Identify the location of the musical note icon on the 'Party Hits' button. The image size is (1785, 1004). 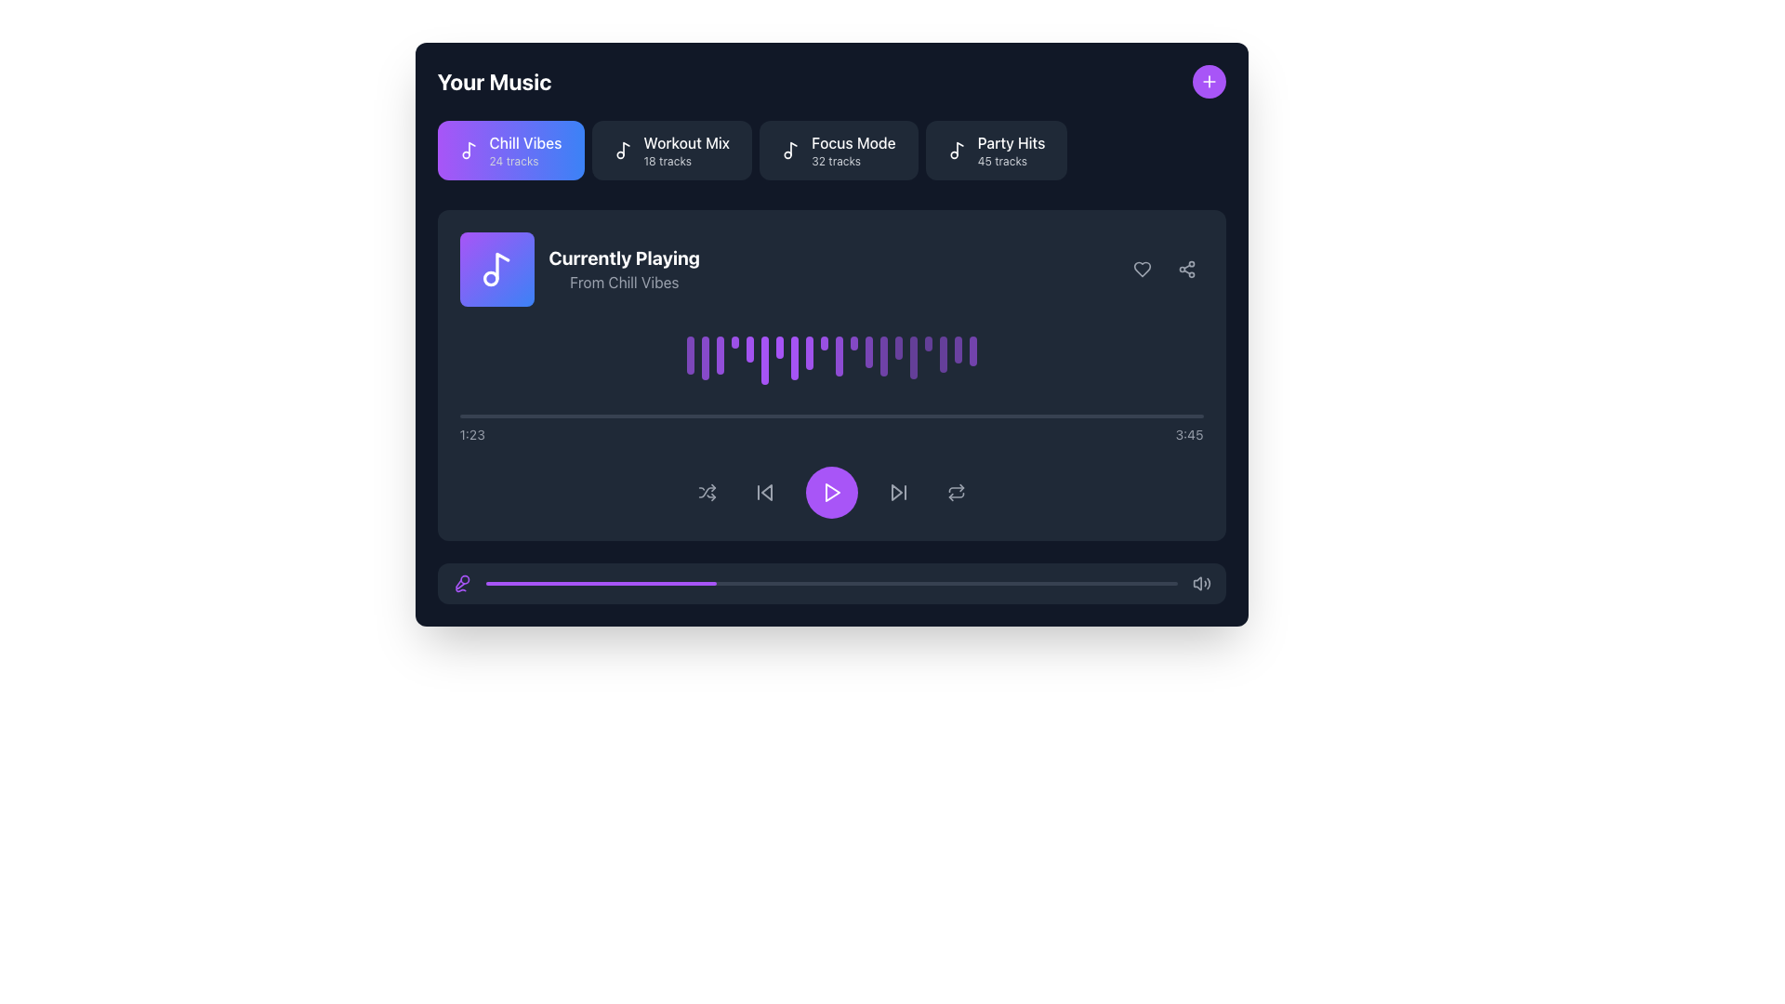
(957, 150).